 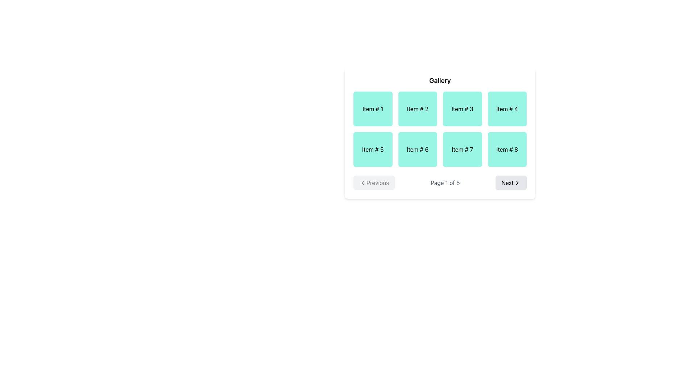 What do you see at coordinates (374, 182) in the screenshot?
I see `the left-most navigation button in the bottom gallery to receive interaction feedback` at bounding box center [374, 182].